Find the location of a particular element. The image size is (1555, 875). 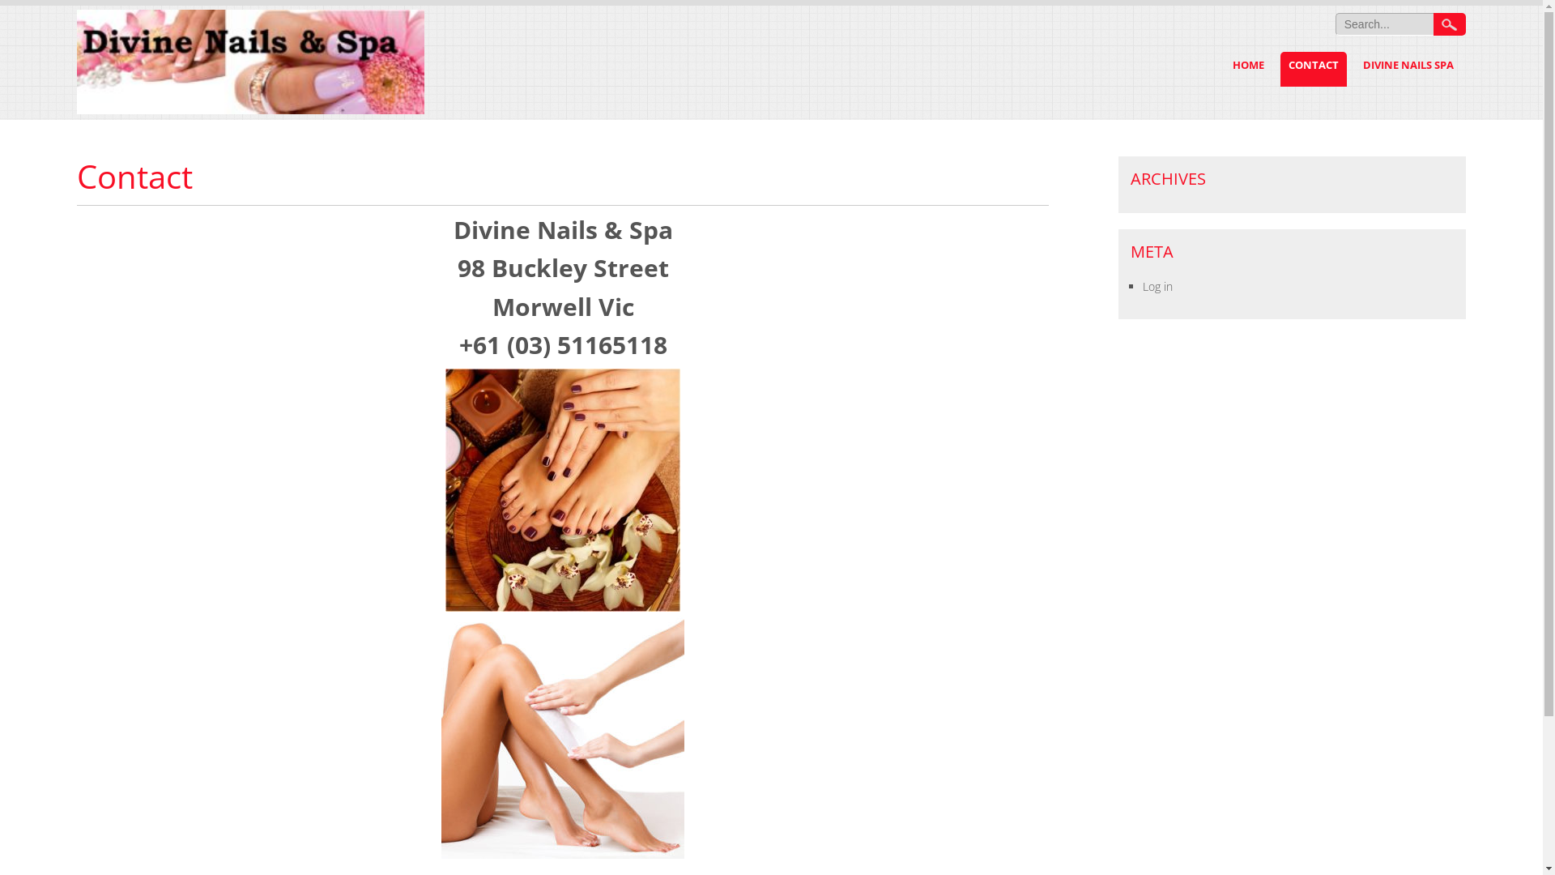

'CONTACT' is located at coordinates (1314, 68).